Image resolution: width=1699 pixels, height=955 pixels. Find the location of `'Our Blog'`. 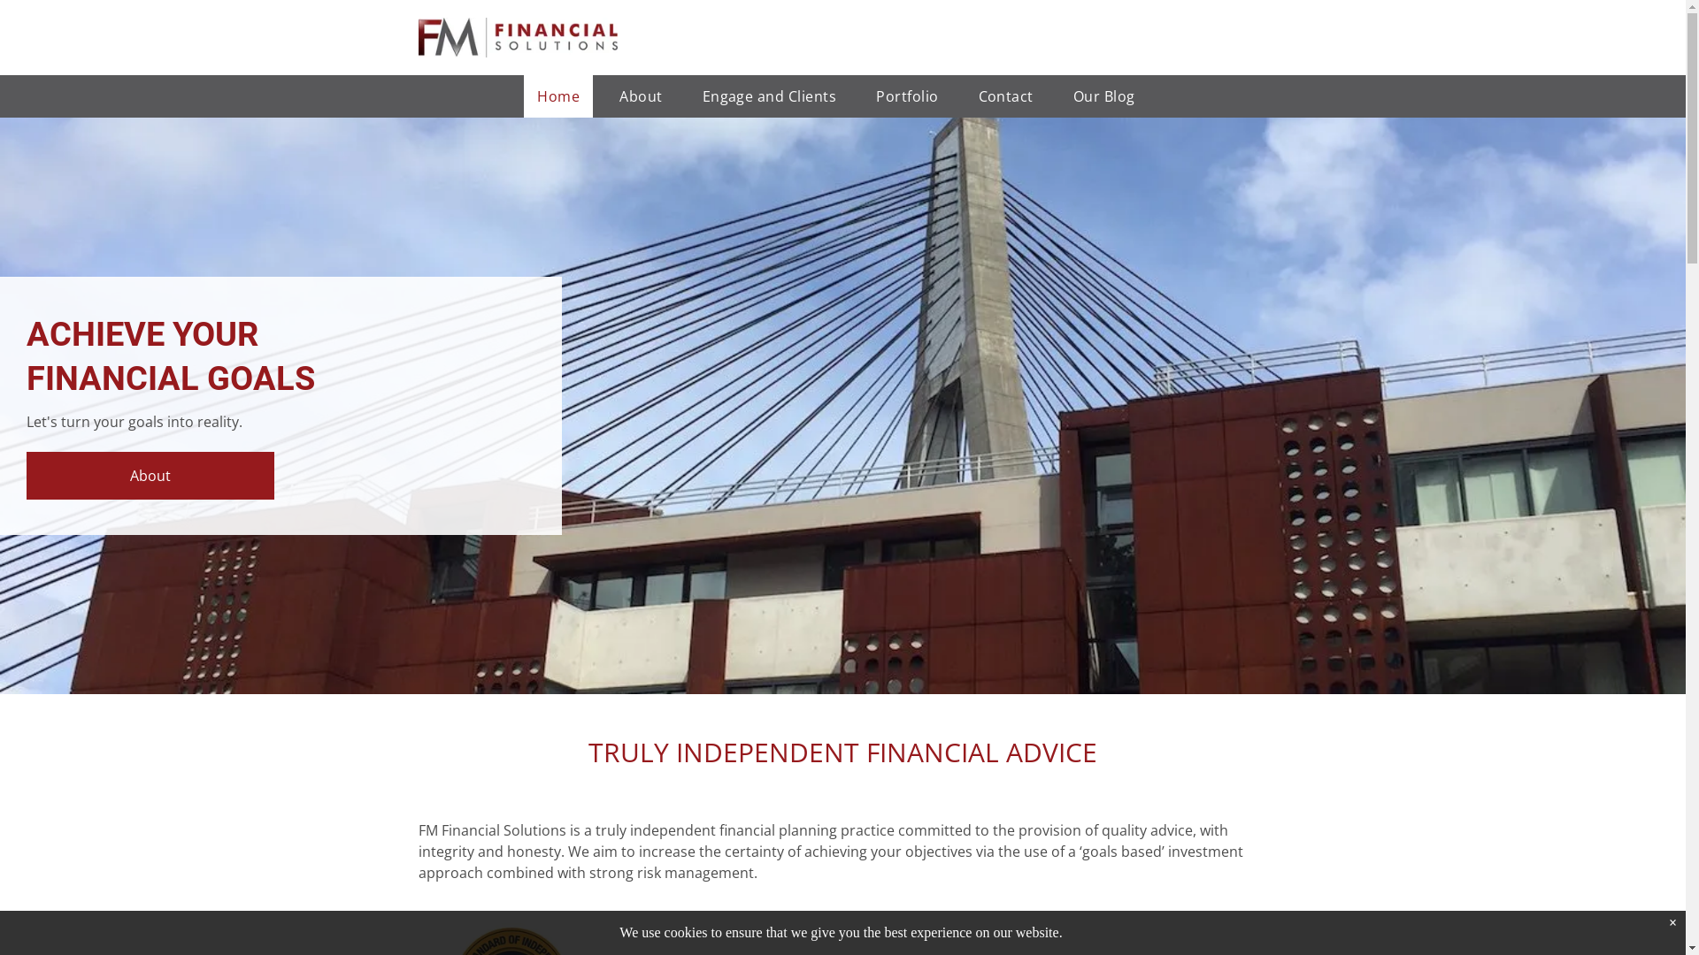

'Our Blog' is located at coordinates (1103, 95).